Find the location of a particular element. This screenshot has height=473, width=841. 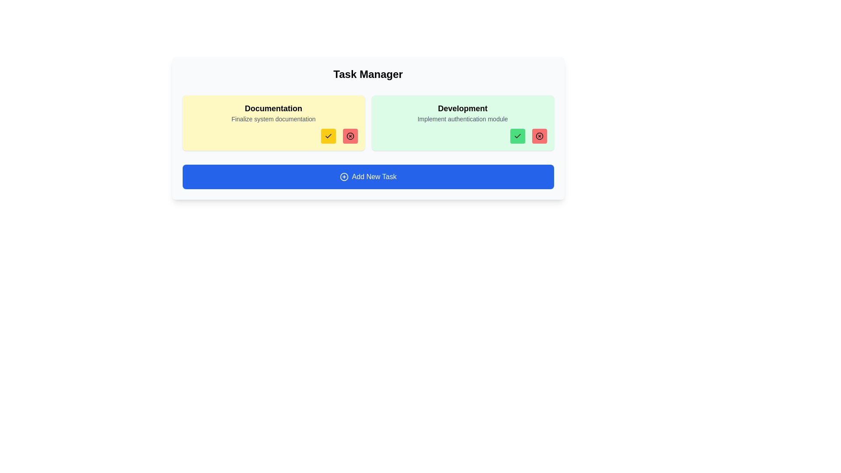

text label displaying 'Implement authentication module' which is centrally aligned below the 'Development' label in a light green background is located at coordinates (462, 119).